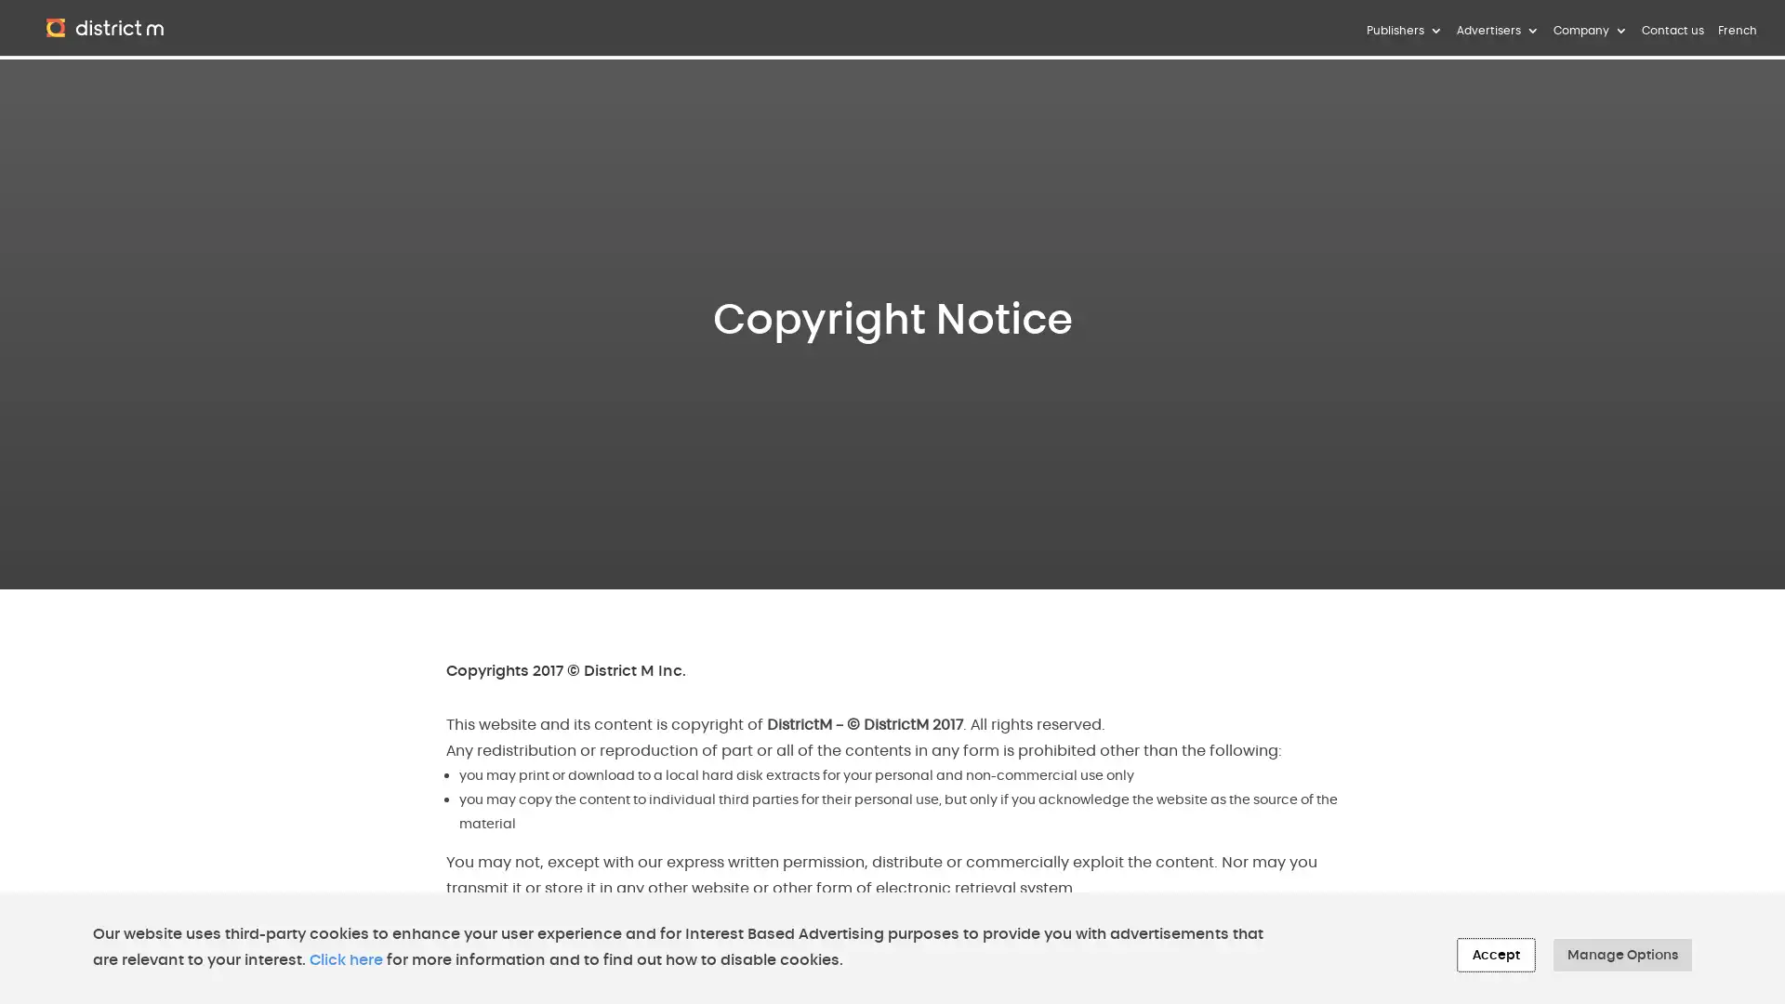 The image size is (1785, 1004). I want to click on Accept, so click(1496, 955).